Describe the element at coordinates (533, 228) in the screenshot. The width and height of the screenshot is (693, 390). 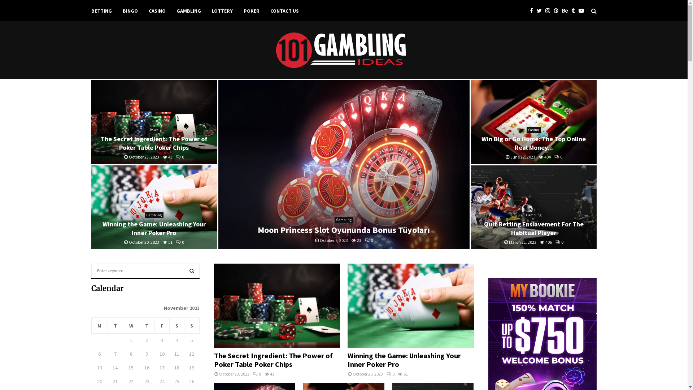
I see `'Quit Betting Enslavement For The Habitual Player'` at that location.